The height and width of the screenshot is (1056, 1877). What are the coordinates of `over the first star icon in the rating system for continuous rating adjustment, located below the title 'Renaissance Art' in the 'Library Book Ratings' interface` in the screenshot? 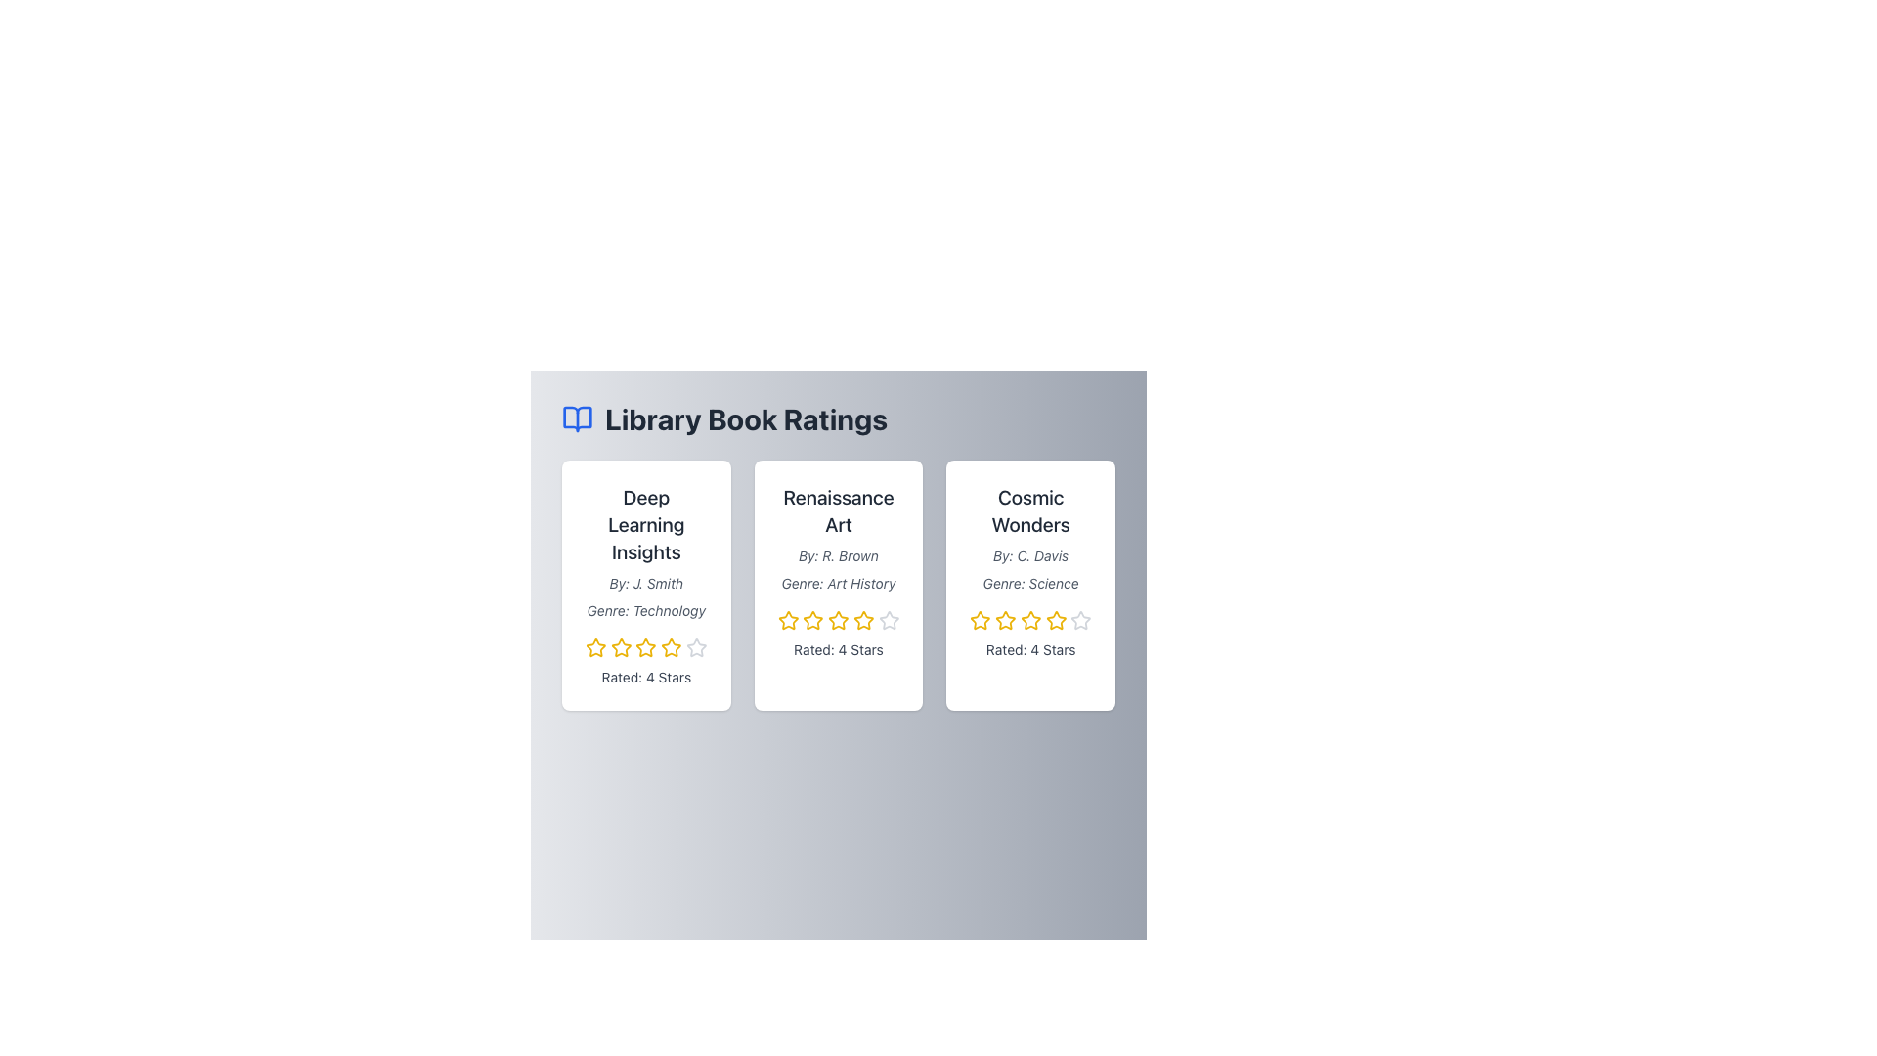 It's located at (788, 621).